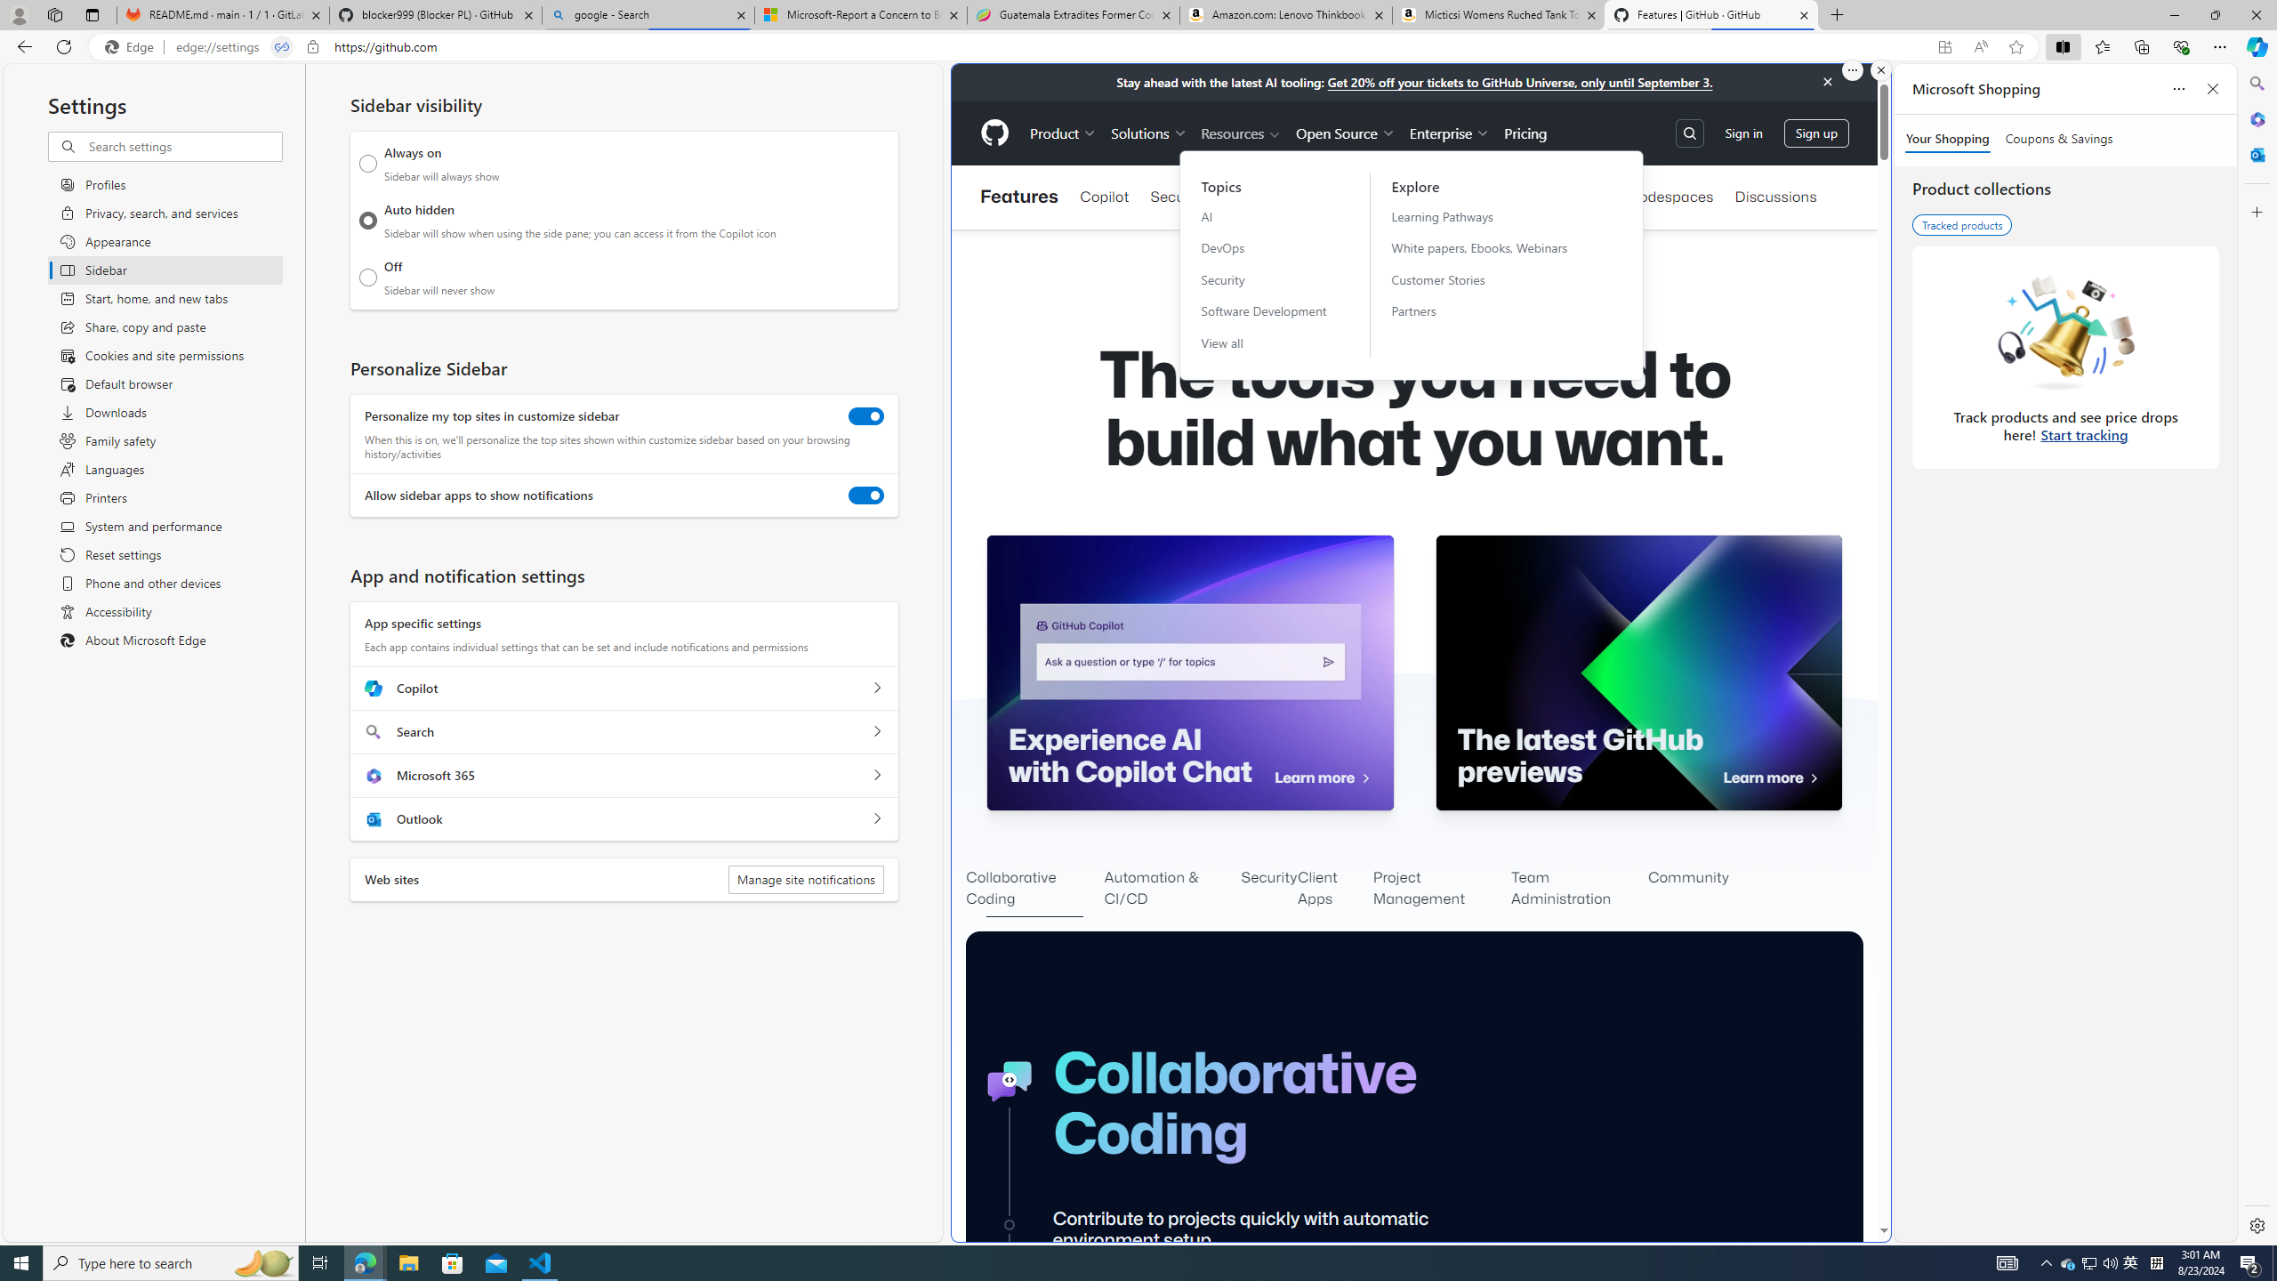 The height and width of the screenshot is (1281, 2277). I want to click on 'Enterprise', so click(1450, 133).